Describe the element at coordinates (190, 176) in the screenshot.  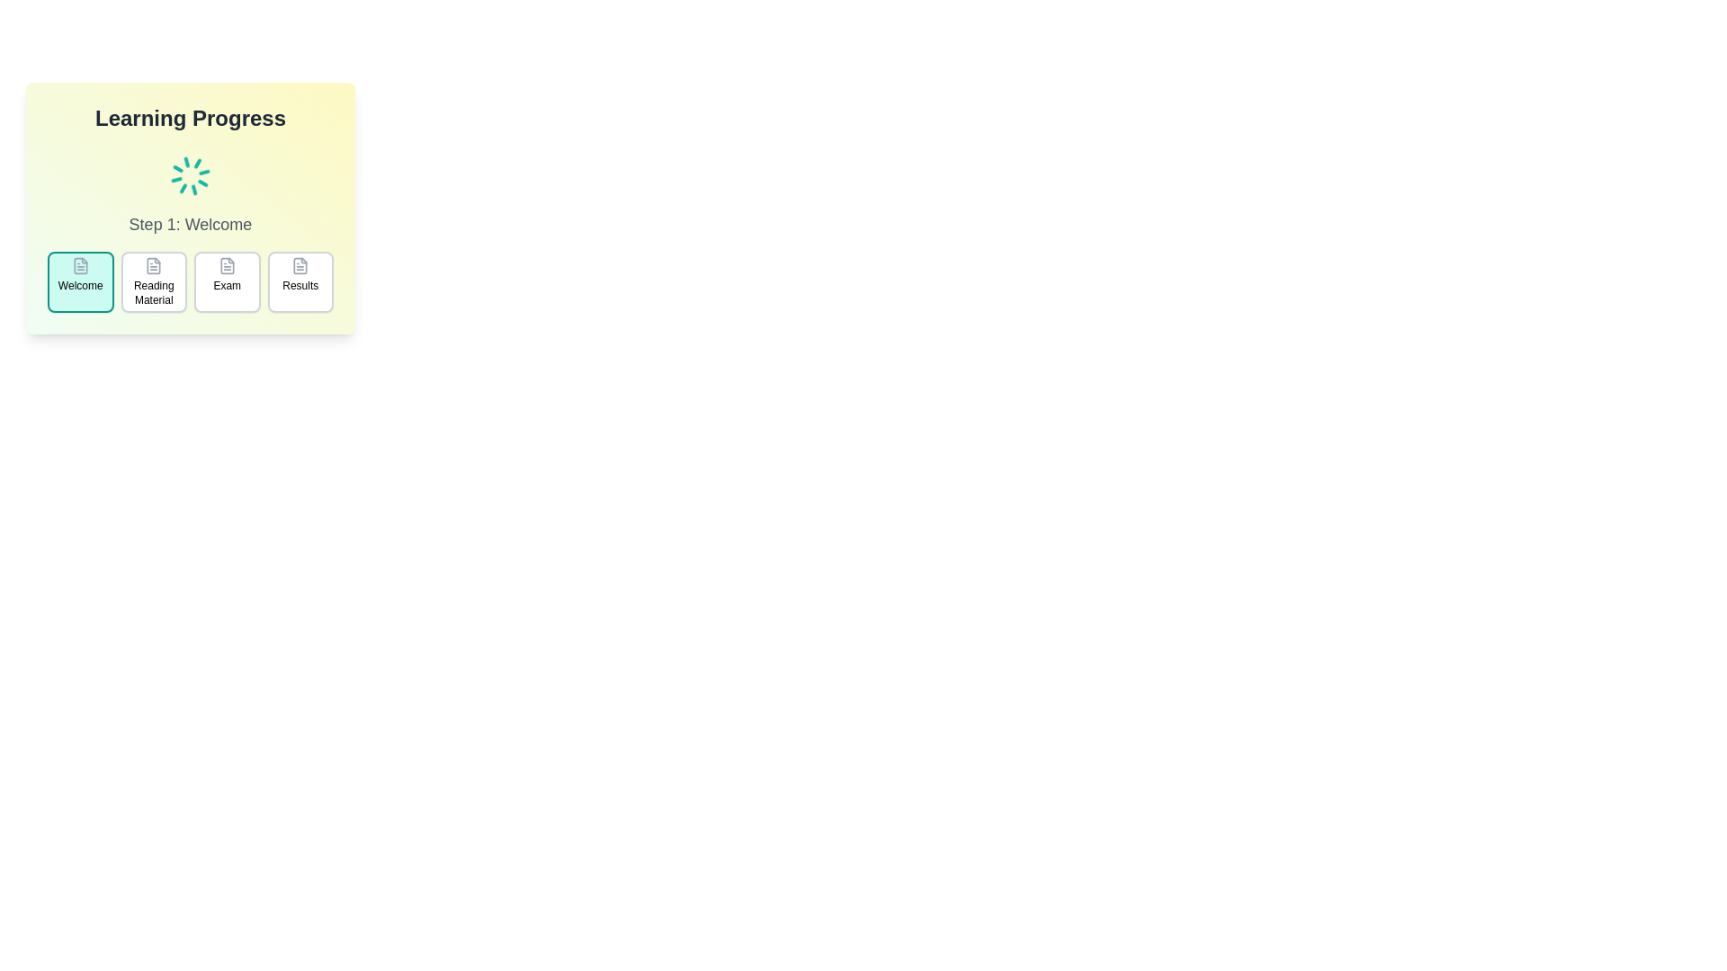
I see `the animated teal-colored spinning loader icon located at the upper central area within the card under the 'Learning Progress' header` at that location.